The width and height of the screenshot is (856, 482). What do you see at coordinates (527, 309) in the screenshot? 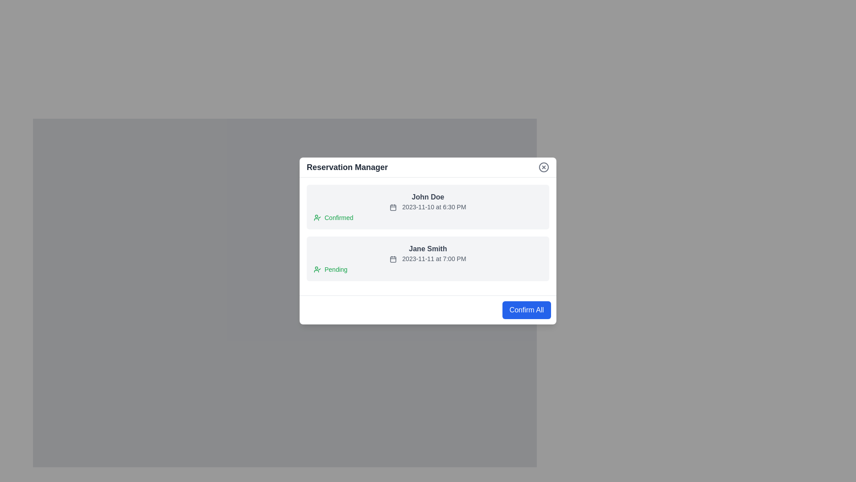
I see `the confirmation button located at the bottom-right corner of the 'Reservation Manager' modal` at bounding box center [527, 309].